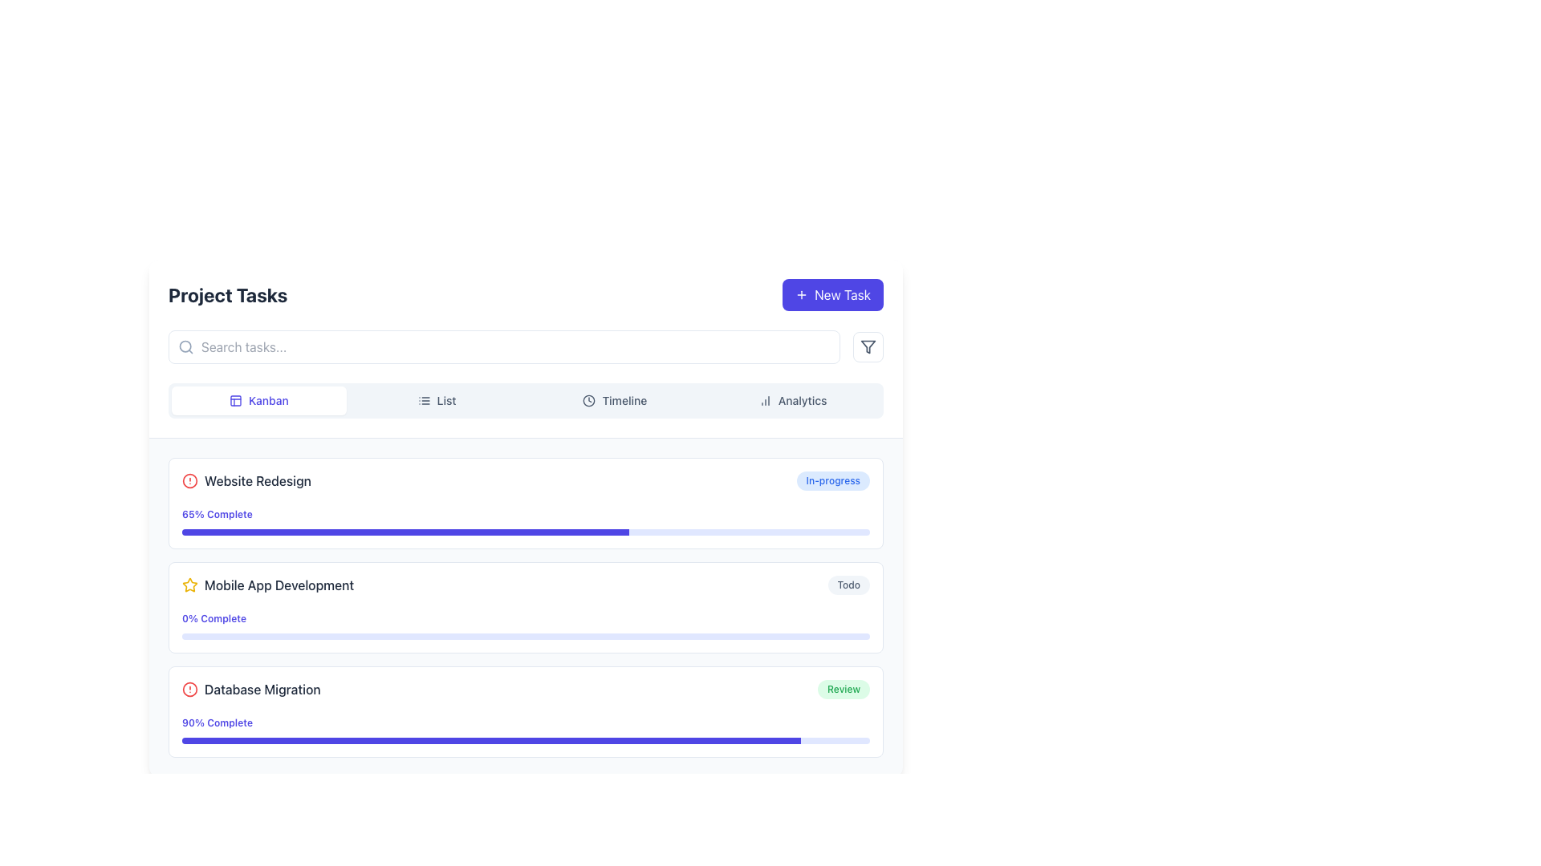  I want to click on the '+' icon associated with the 'New Task' button to provide additional visual feedback, so click(802, 294).